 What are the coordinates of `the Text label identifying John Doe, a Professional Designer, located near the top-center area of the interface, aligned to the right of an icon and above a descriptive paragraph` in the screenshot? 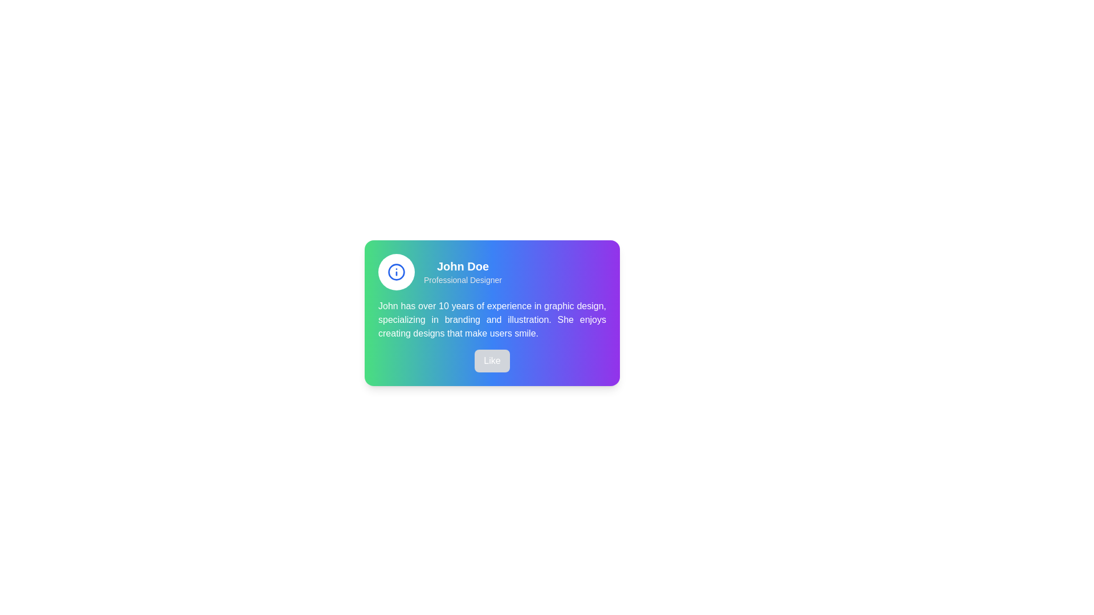 It's located at (463, 272).